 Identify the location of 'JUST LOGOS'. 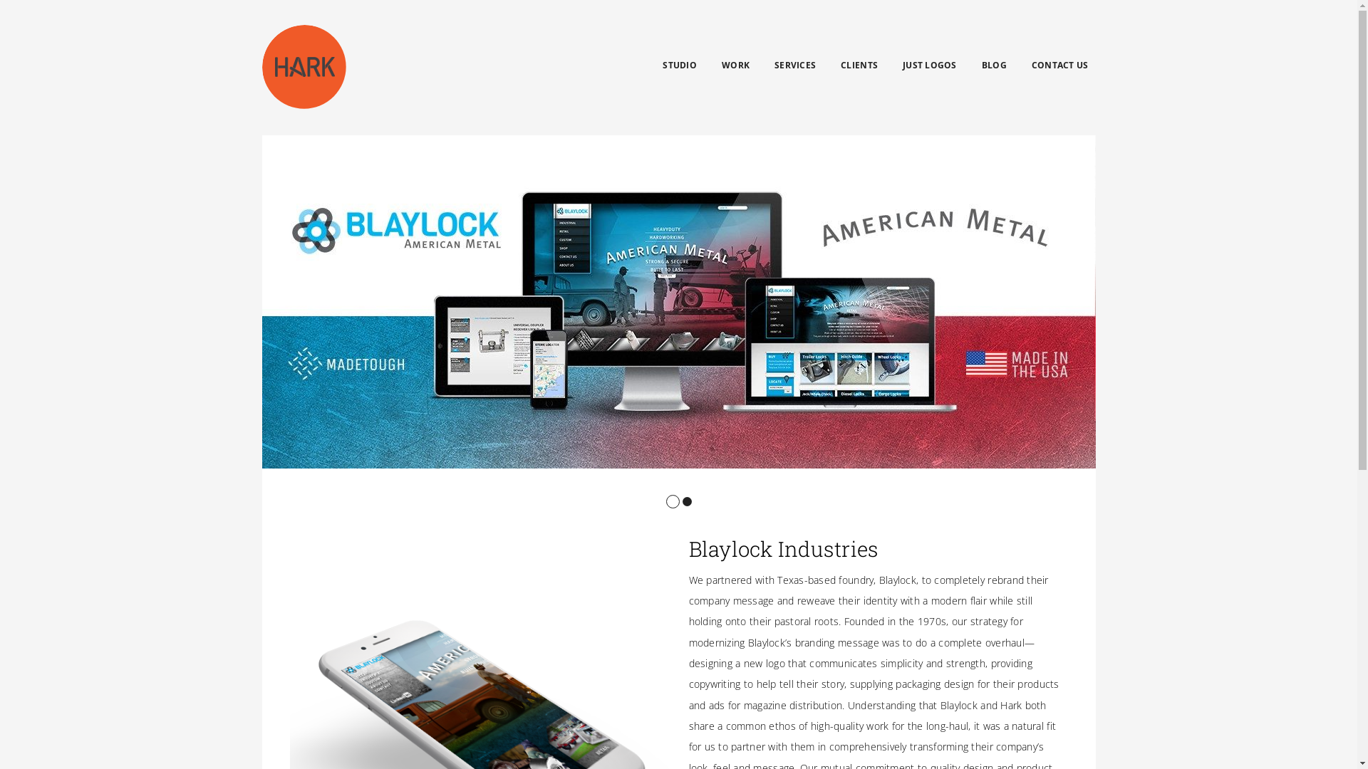
(930, 66).